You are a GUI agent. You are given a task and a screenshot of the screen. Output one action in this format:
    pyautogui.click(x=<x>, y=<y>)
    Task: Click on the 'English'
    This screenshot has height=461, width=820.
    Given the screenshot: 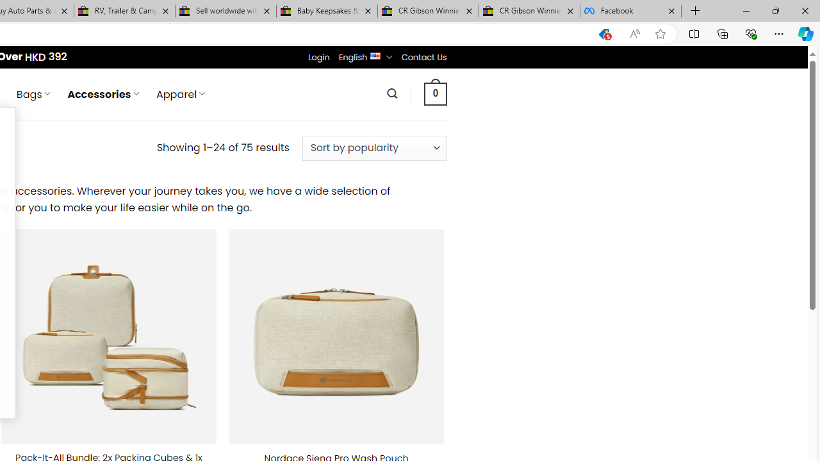 What is the action you would take?
    pyautogui.click(x=375, y=54)
    